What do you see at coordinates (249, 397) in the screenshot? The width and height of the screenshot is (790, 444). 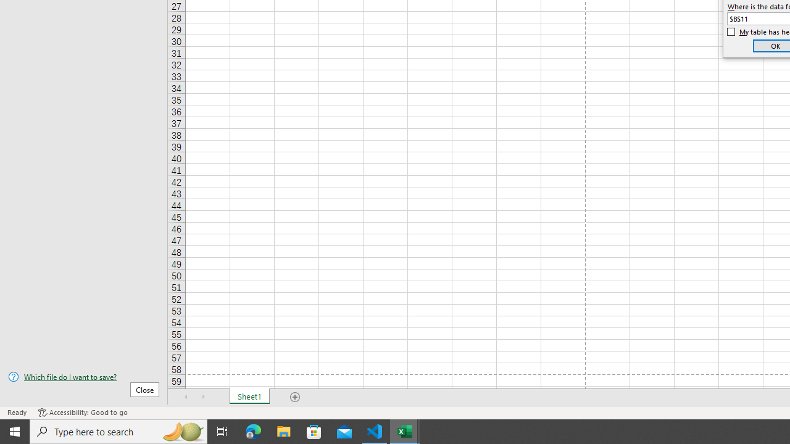 I see `'Sheet1'` at bounding box center [249, 397].